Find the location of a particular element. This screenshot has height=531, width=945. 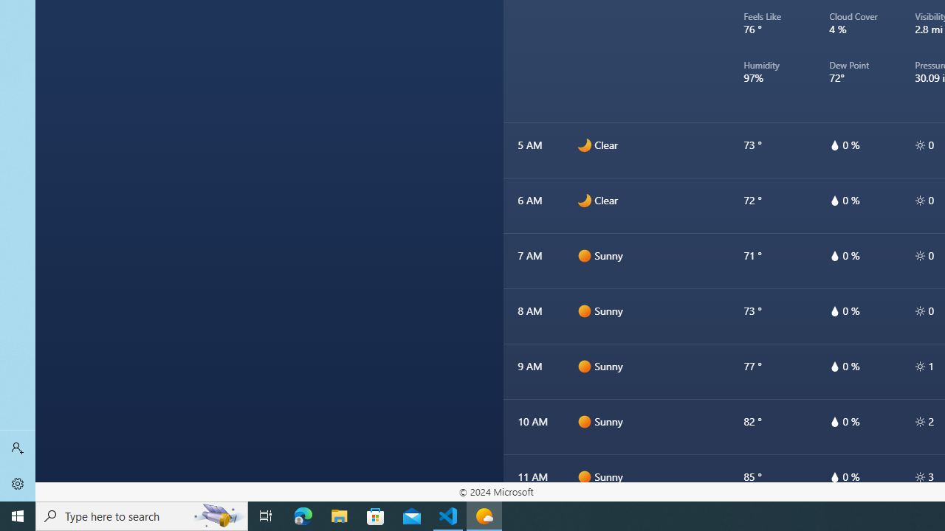

'Search highlights icon opens search home window' is located at coordinates (217, 515).